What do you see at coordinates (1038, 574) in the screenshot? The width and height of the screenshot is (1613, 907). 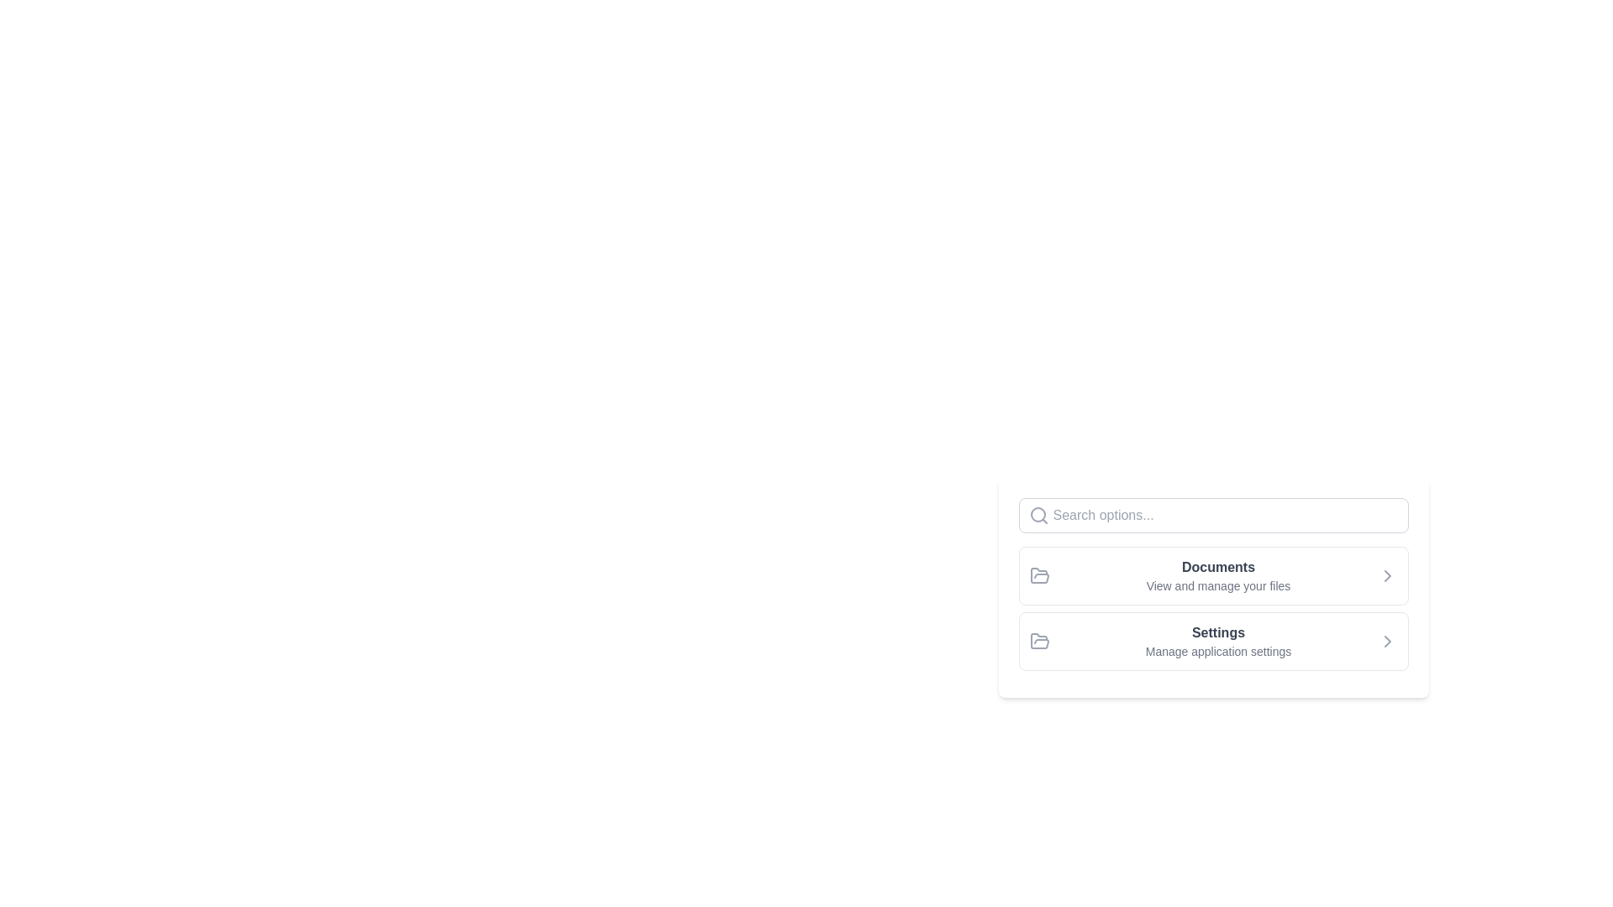 I see `the folder icon located in the content panel, immediately below the documents icon` at bounding box center [1038, 574].